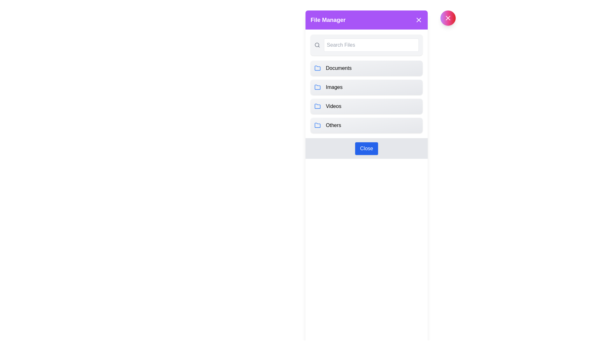  What do you see at coordinates (318, 106) in the screenshot?
I see `the third folder icon with a blue outline, located next to the 'Videos' label in a vertical list of icons` at bounding box center [318, 106].